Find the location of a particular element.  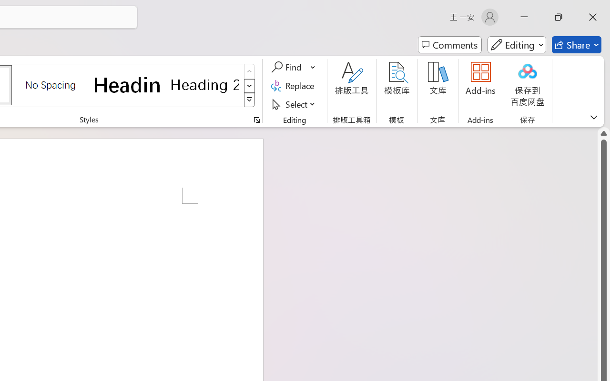

'Row Down' is located at coordinates (249, 85).